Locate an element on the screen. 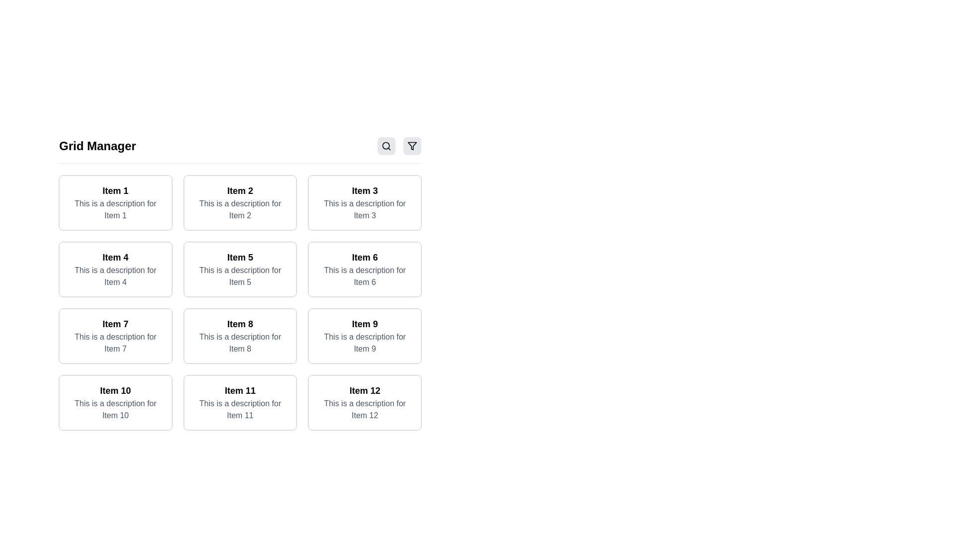  the filter icon button located in the top-right section of the interface is located at coordinates (412, 146).